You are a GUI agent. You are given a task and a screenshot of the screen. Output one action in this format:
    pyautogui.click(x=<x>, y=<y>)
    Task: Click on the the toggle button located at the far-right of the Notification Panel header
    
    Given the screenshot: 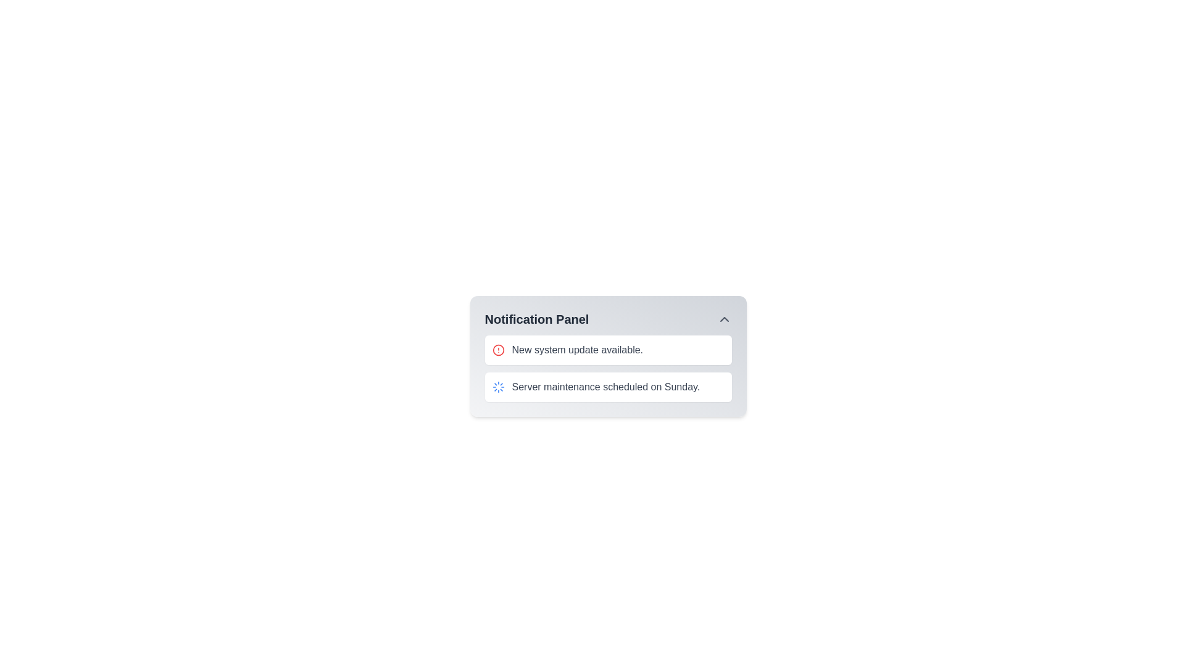 What is the action you would take?
    pyautogui.click(x=724, y=318)
    